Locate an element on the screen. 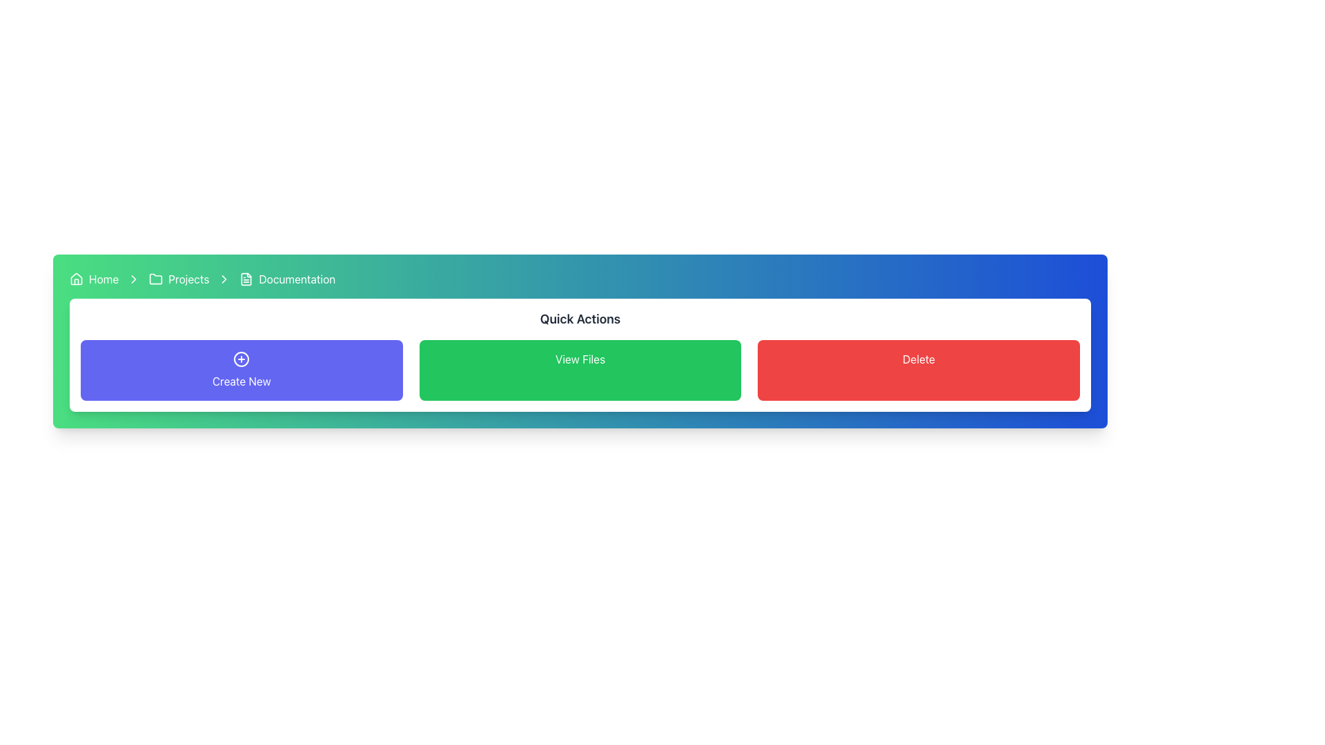 The width and height of the screenshot is (1325, 745). the 'View Files' button, which is a green rectangular button with white text is located at coordinates (580, 369).